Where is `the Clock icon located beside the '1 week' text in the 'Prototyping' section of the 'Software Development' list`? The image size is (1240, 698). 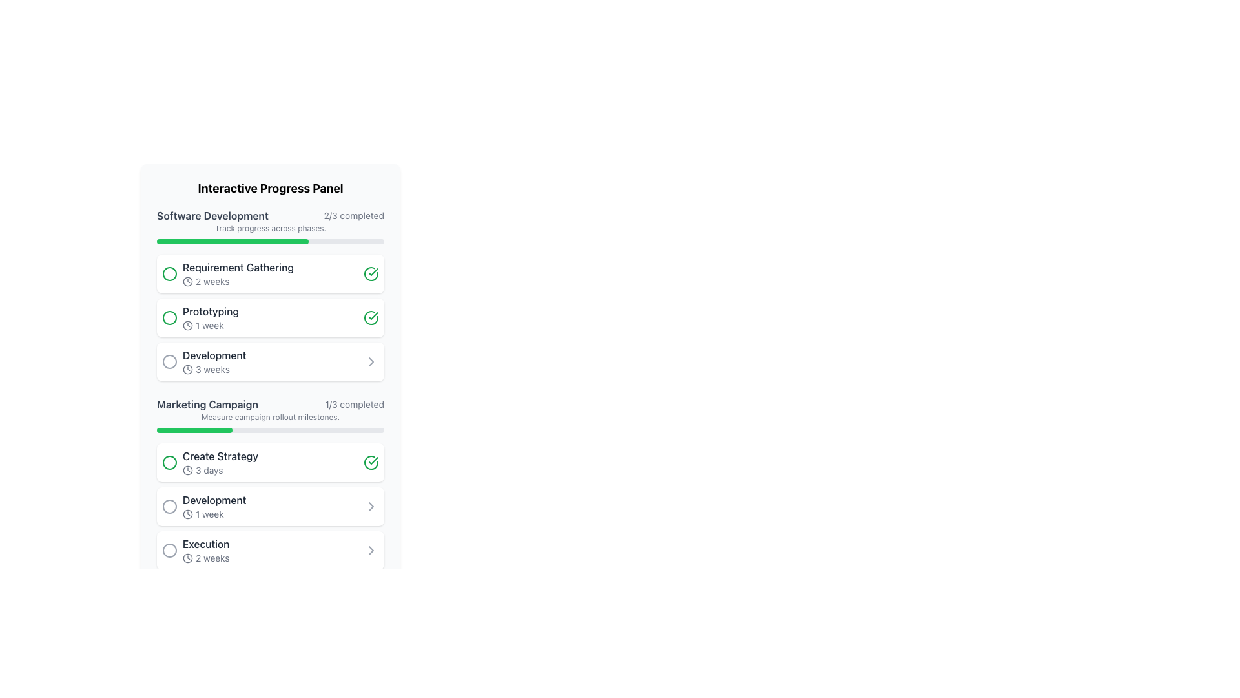 the Clock icon located beside the '1 week' text in the 'Prototyping' section of the 'Software Development' list is located at coordinates (187, 513).